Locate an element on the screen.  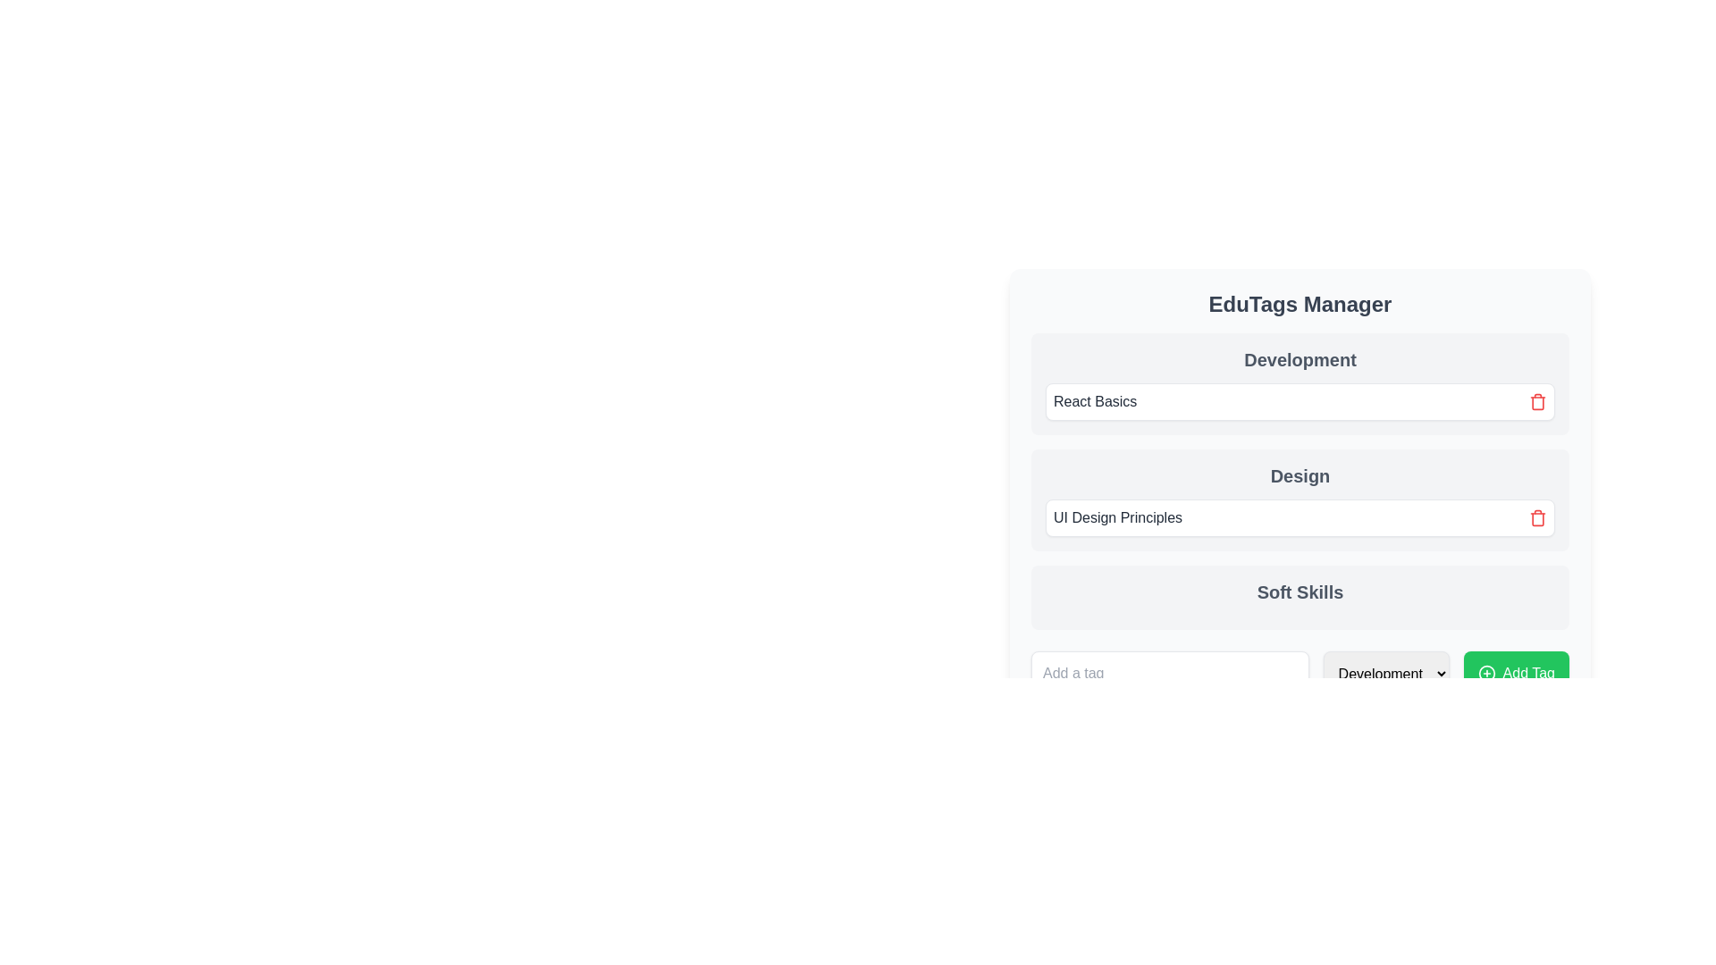
the 'Design' text label header, which is styled in bold and dark gray on a light gray background is located at coordinates (1300, 461).